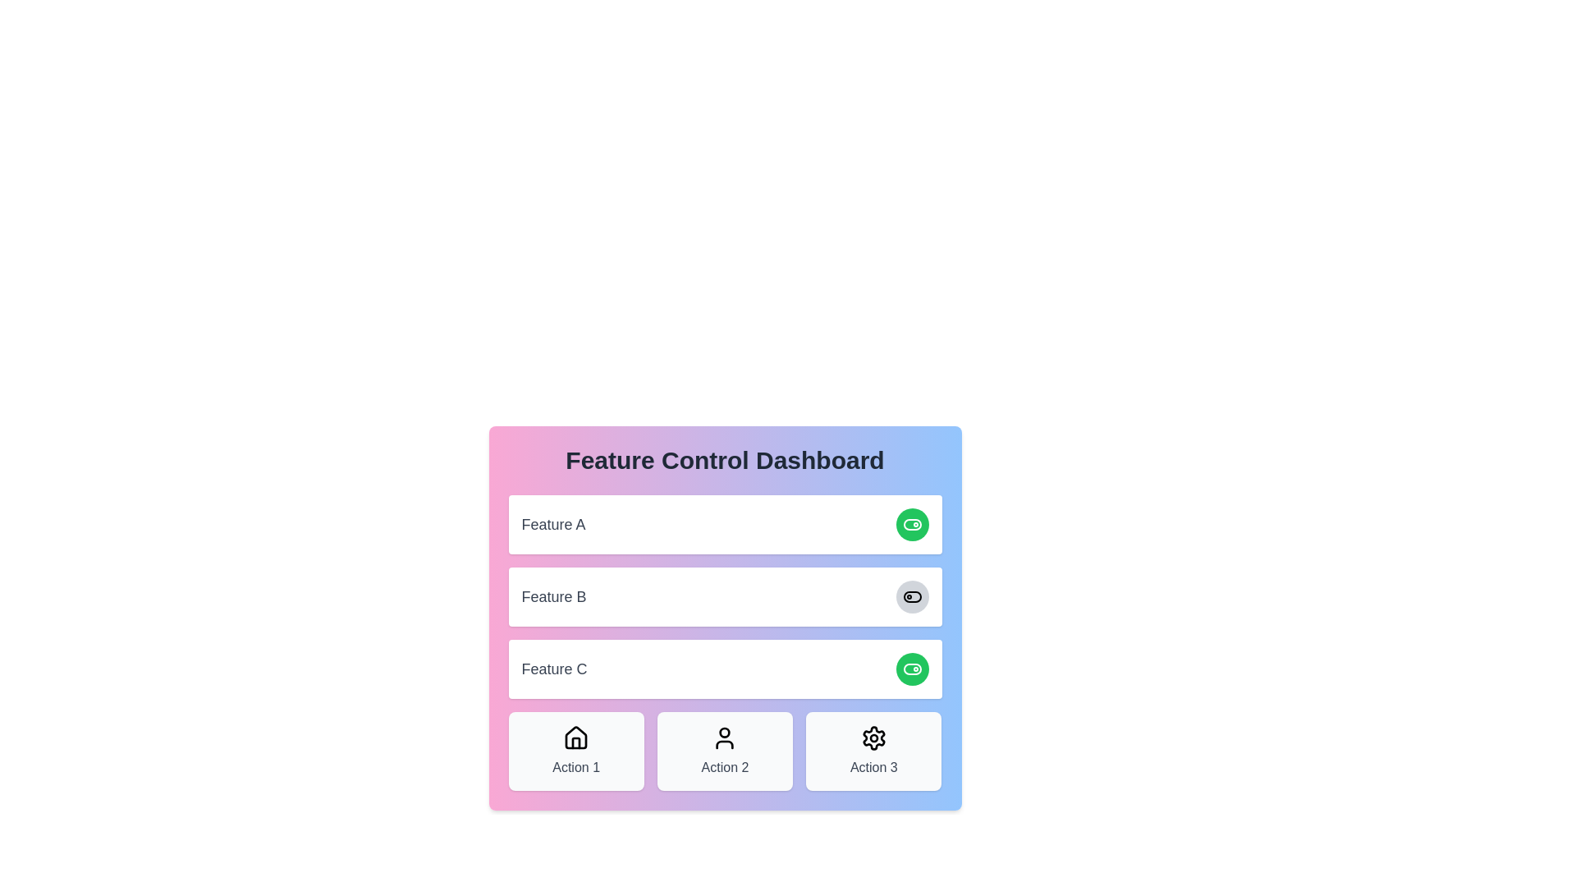 The width and height of the screenshot is (1576, 887). What do you see at coordinates (911, 669) in the screenshot?
I see `the toggle button to change the state of 'Feature C' in the Feature Control Dashboard` at bounding box center [911, 669].